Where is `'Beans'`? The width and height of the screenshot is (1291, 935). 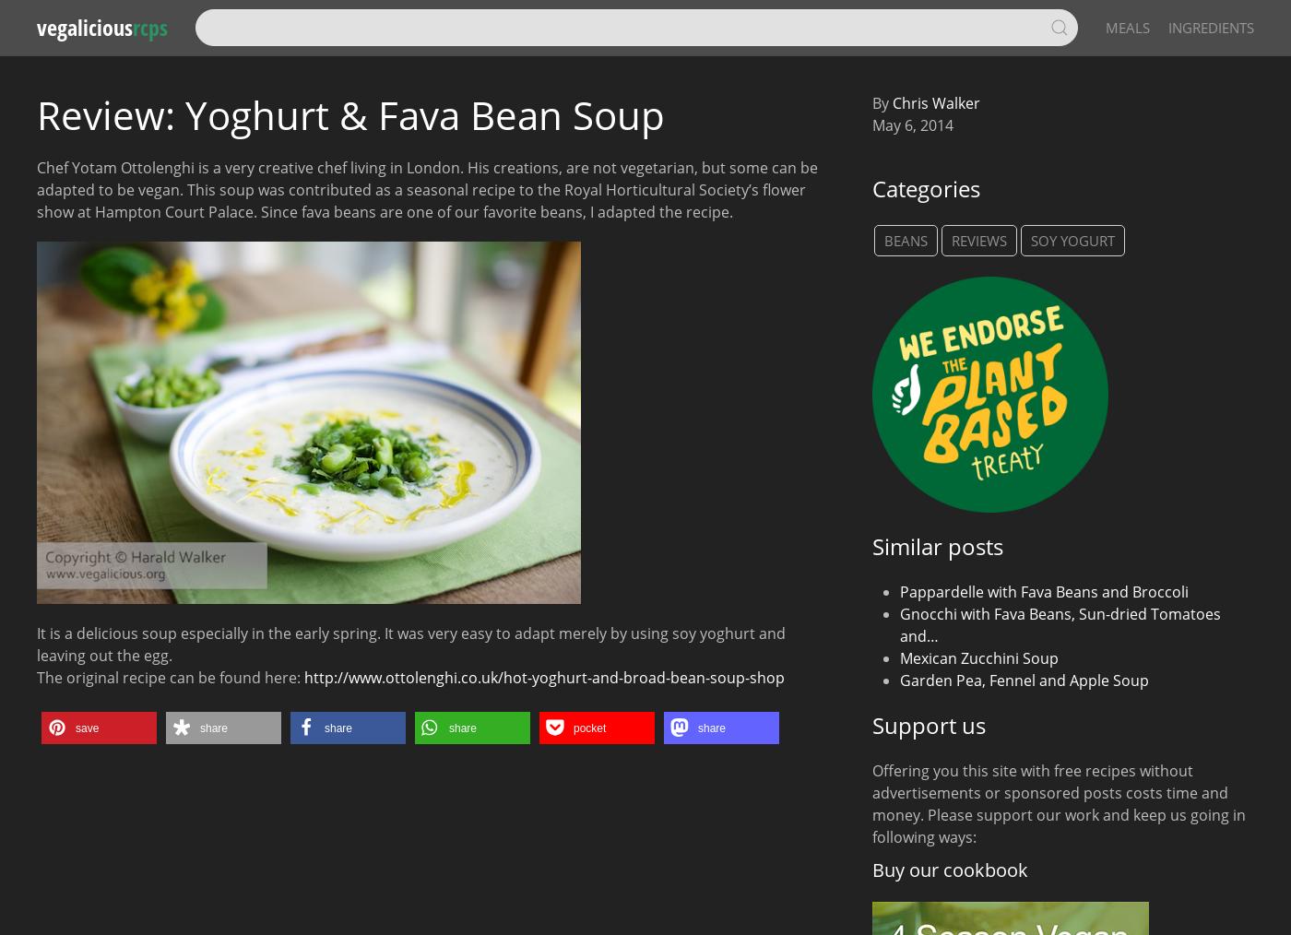
'Beans' is located at coordinates (906, 239).